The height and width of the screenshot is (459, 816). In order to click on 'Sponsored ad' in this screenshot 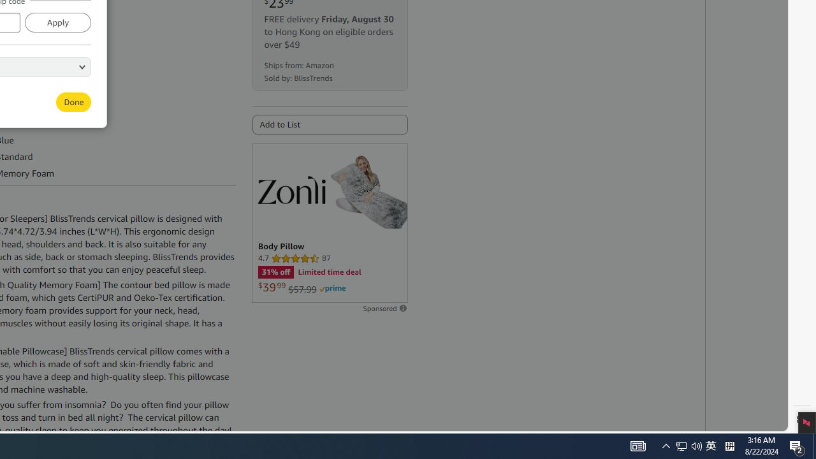, I will do `click(330, 222)`.